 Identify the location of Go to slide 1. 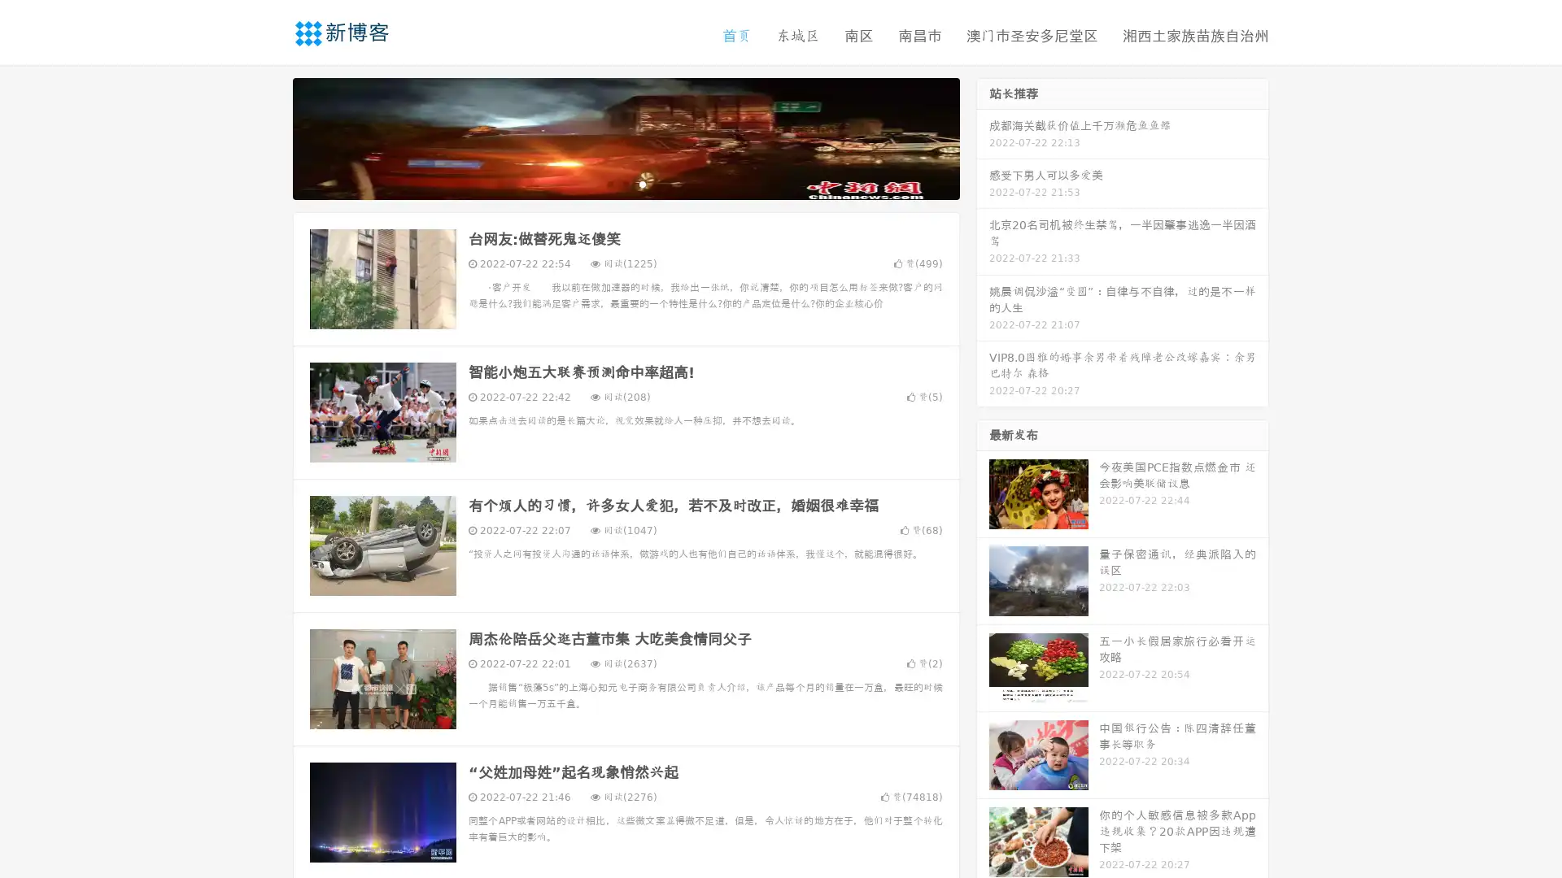
(609, 183).